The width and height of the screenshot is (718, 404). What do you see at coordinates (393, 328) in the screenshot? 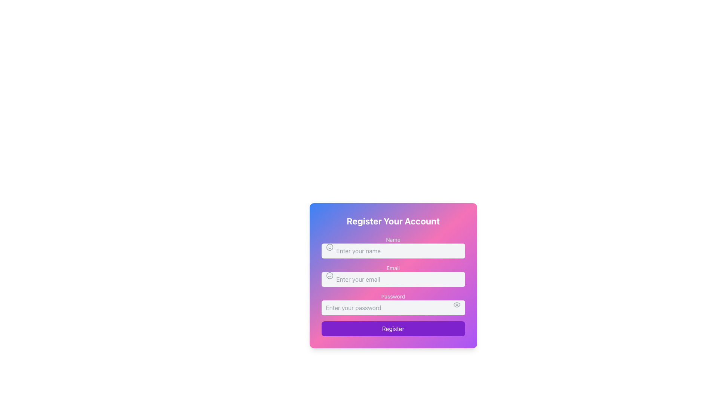
I see `the 'Register' button located at the bottom of the form with a purple background and white text` at bounding box center [393, 328].